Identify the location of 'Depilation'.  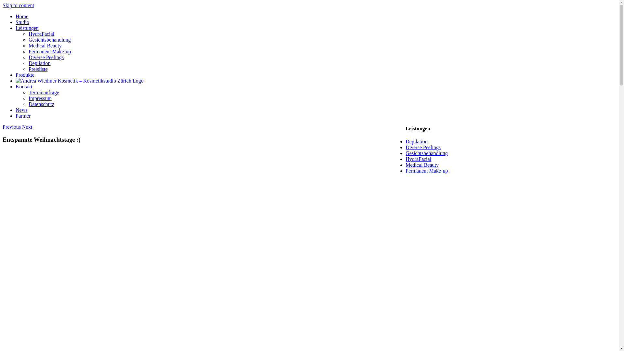
(416, 141).